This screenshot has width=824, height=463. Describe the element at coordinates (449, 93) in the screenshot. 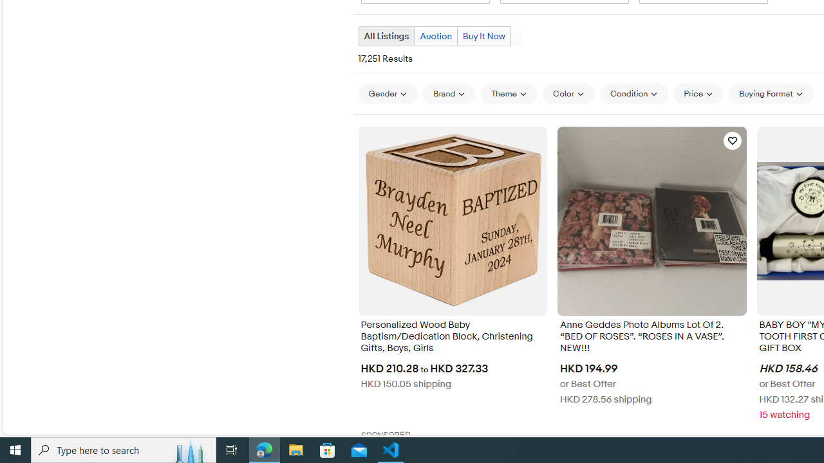

I see `'Brand'` at that location.